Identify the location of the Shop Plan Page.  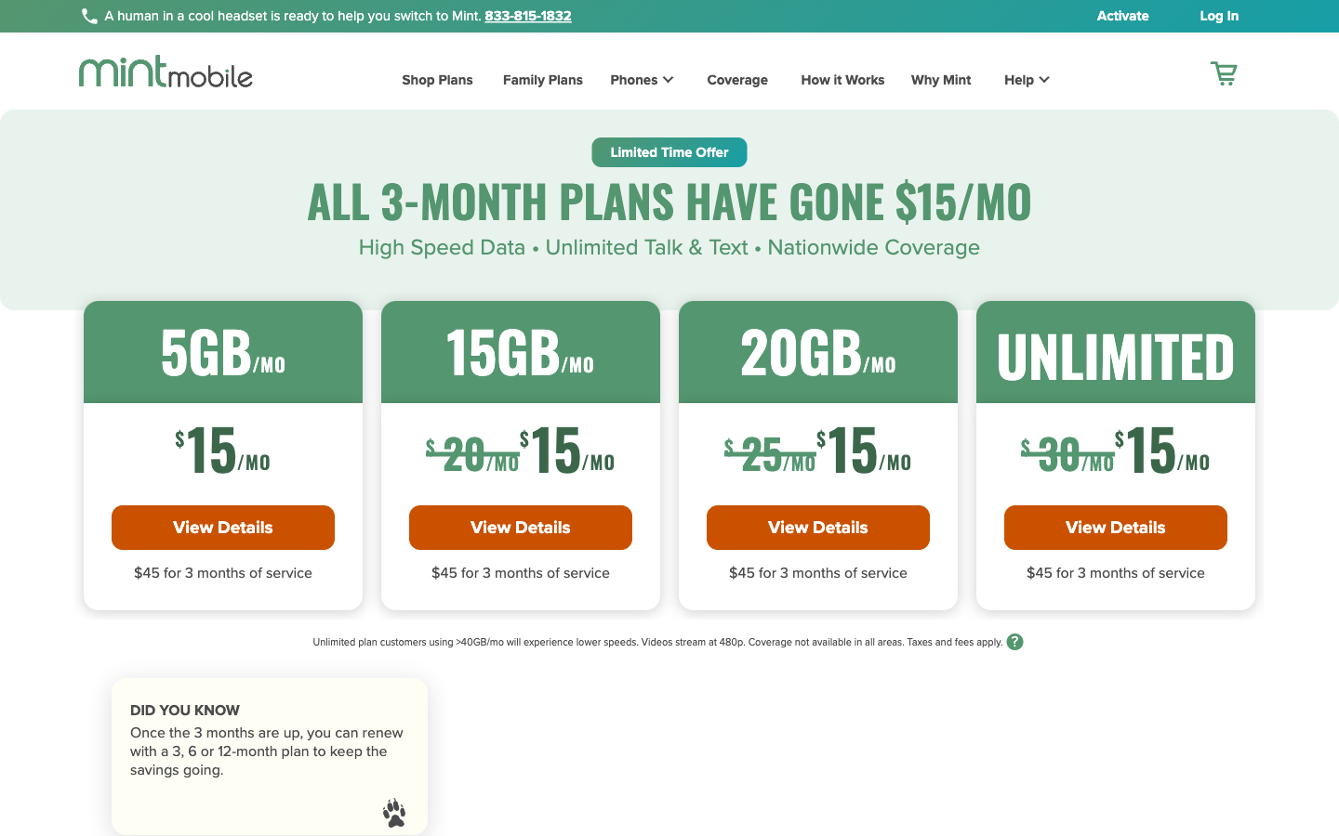
(426, 82).